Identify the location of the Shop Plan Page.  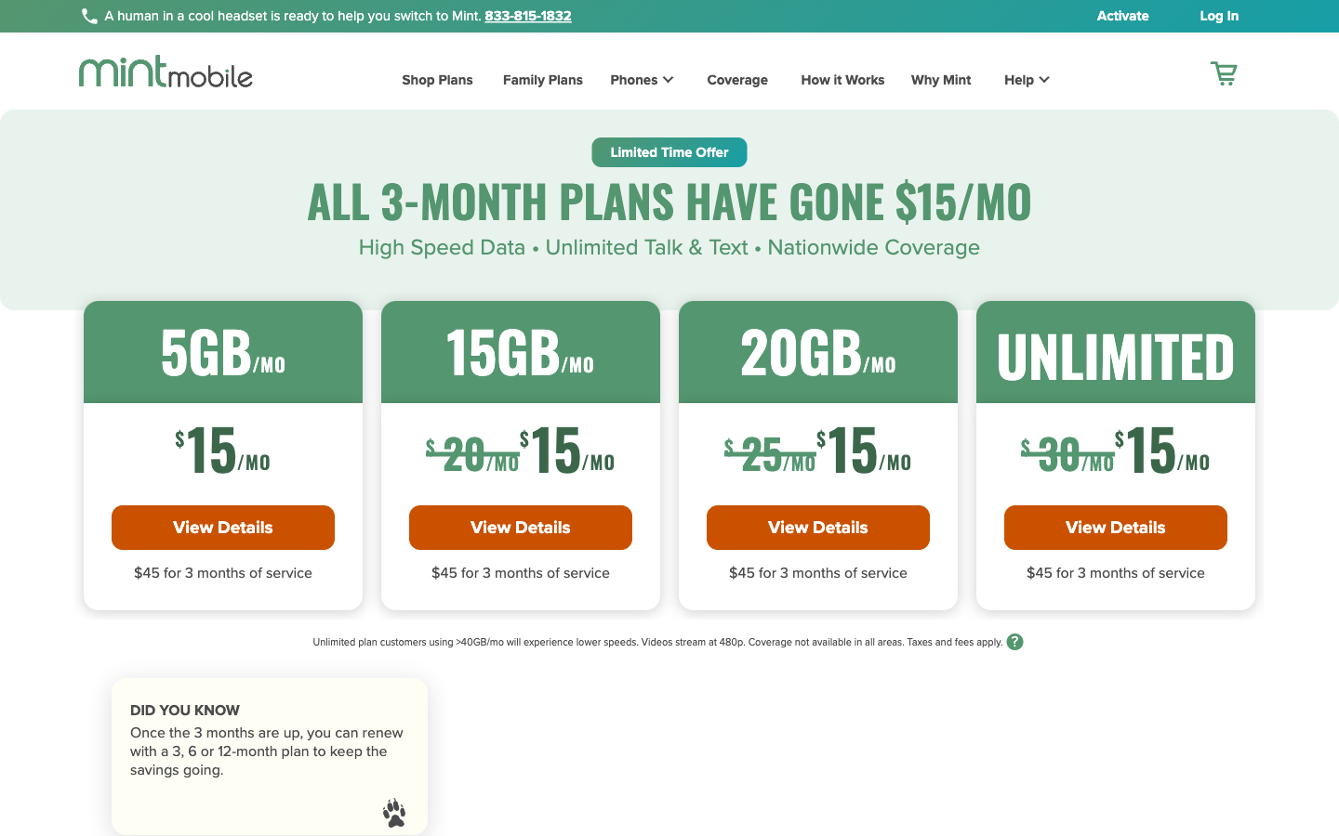
(426, 82).